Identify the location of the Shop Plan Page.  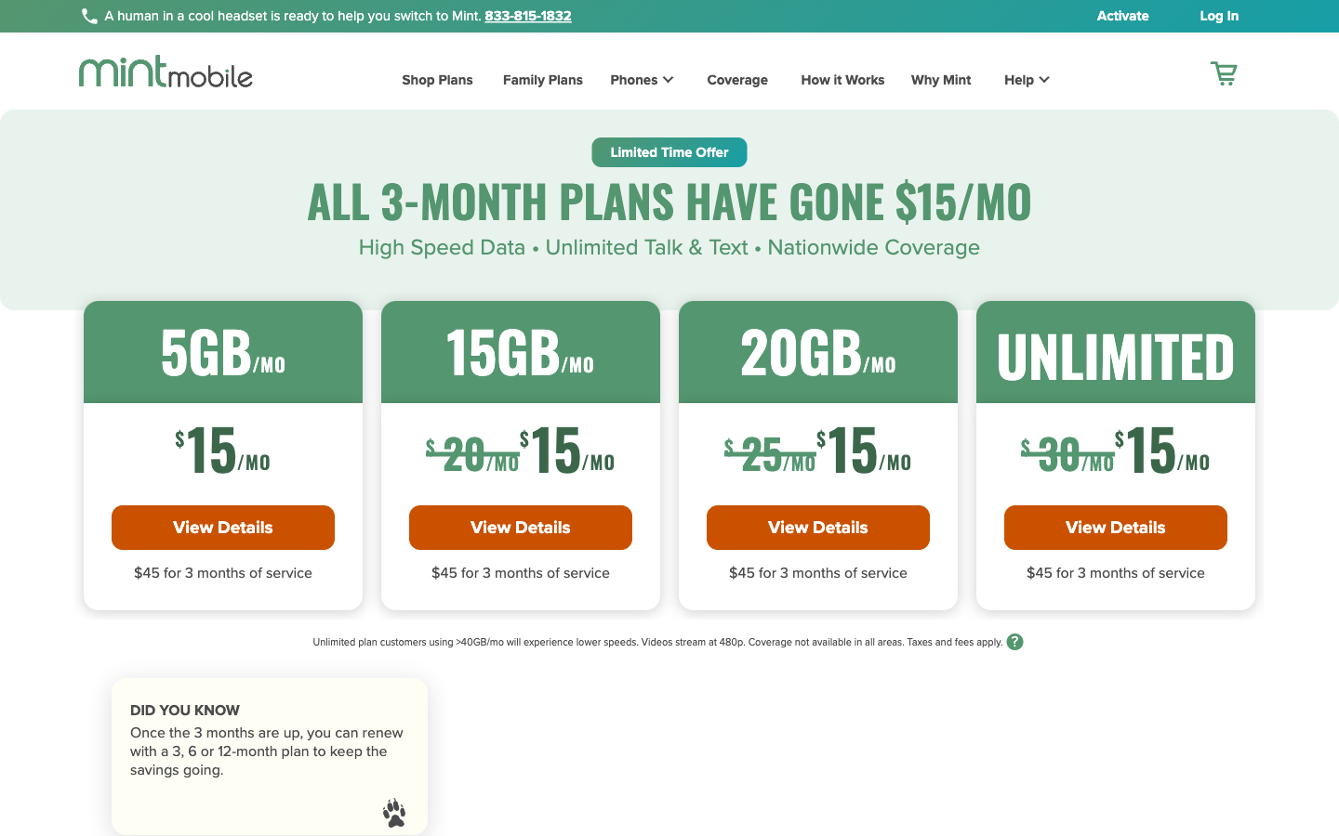
(426, 82).